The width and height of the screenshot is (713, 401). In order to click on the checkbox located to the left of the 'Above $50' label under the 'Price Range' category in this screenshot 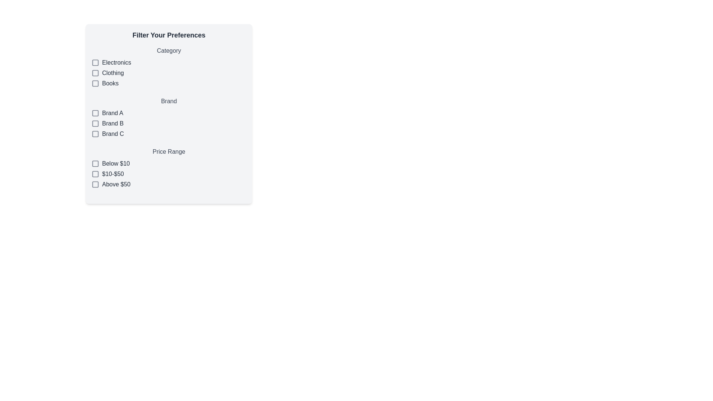, I will do `click(95, 184)`.